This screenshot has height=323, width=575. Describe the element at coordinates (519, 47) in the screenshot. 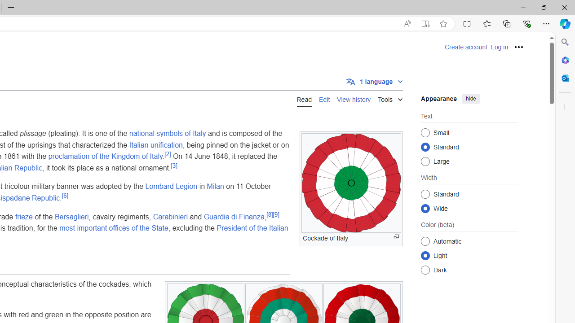

I see `'Personal tools'` at that location.